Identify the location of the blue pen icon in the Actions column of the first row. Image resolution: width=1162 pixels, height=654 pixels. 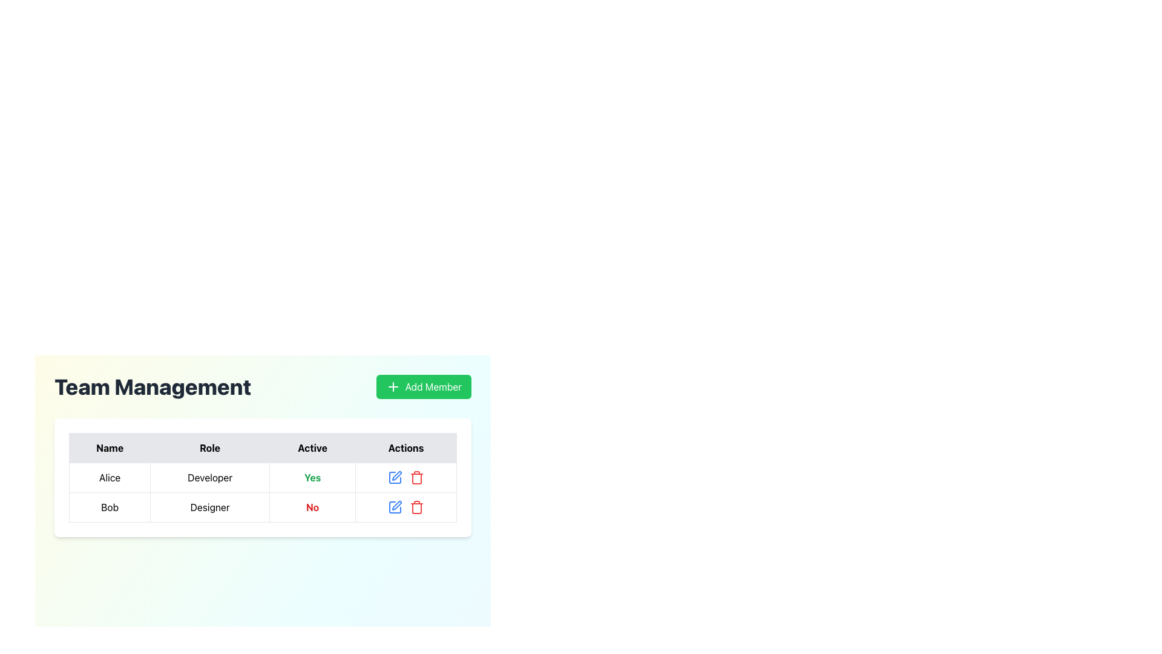
(395, 477).